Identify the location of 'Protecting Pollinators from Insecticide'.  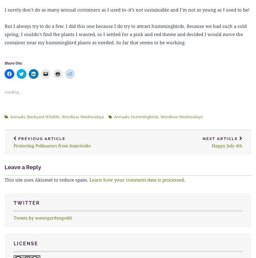
(52, 145).